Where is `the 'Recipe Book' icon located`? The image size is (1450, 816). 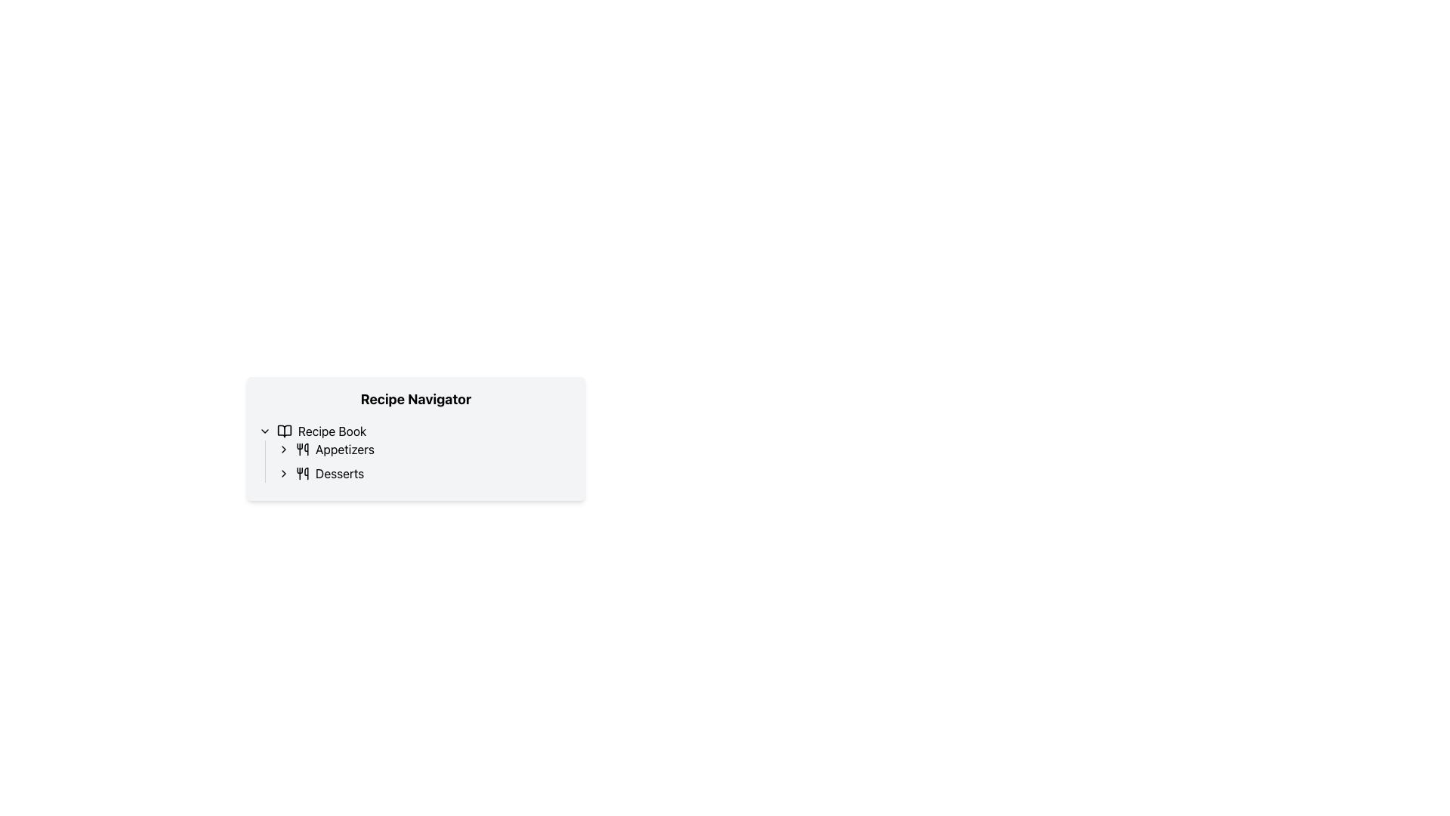
the 'Recipe Book' icon located is located at coordinates (285, 431).